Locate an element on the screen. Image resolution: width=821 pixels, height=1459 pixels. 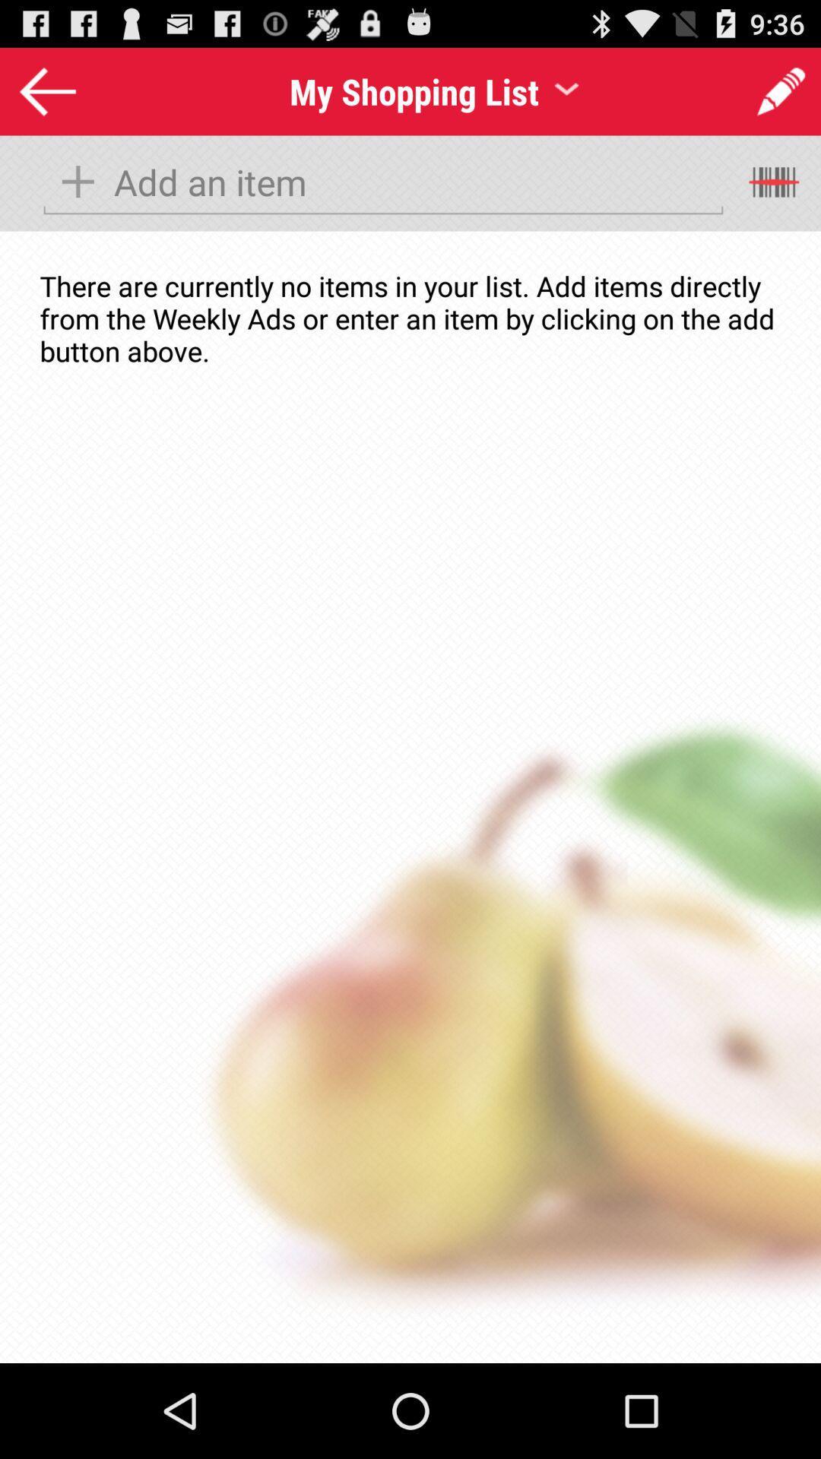
the edit icon is located at coordinates (781, 97).